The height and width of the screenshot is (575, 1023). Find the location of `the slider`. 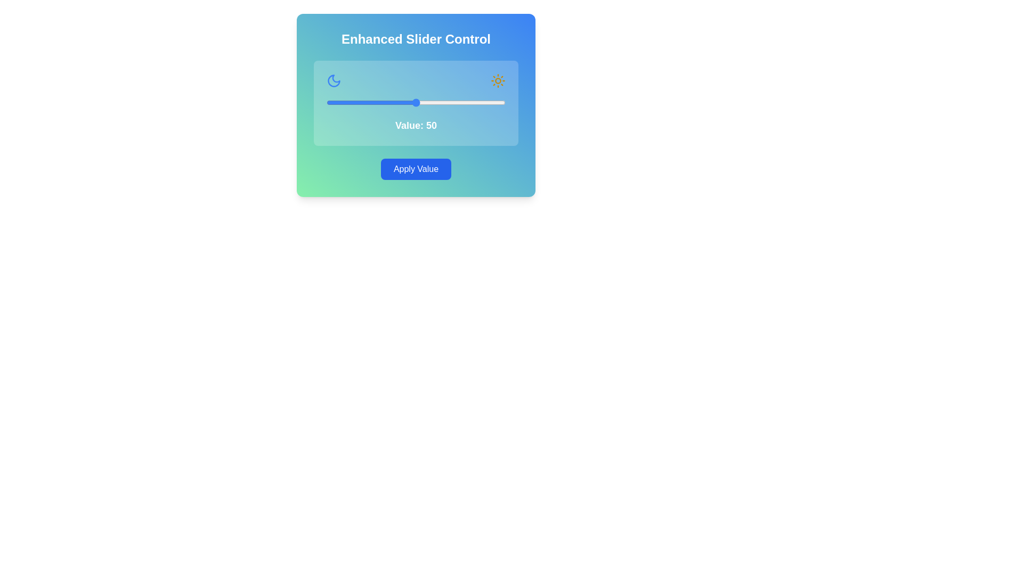

the slider is located at coordinates (394, 102).